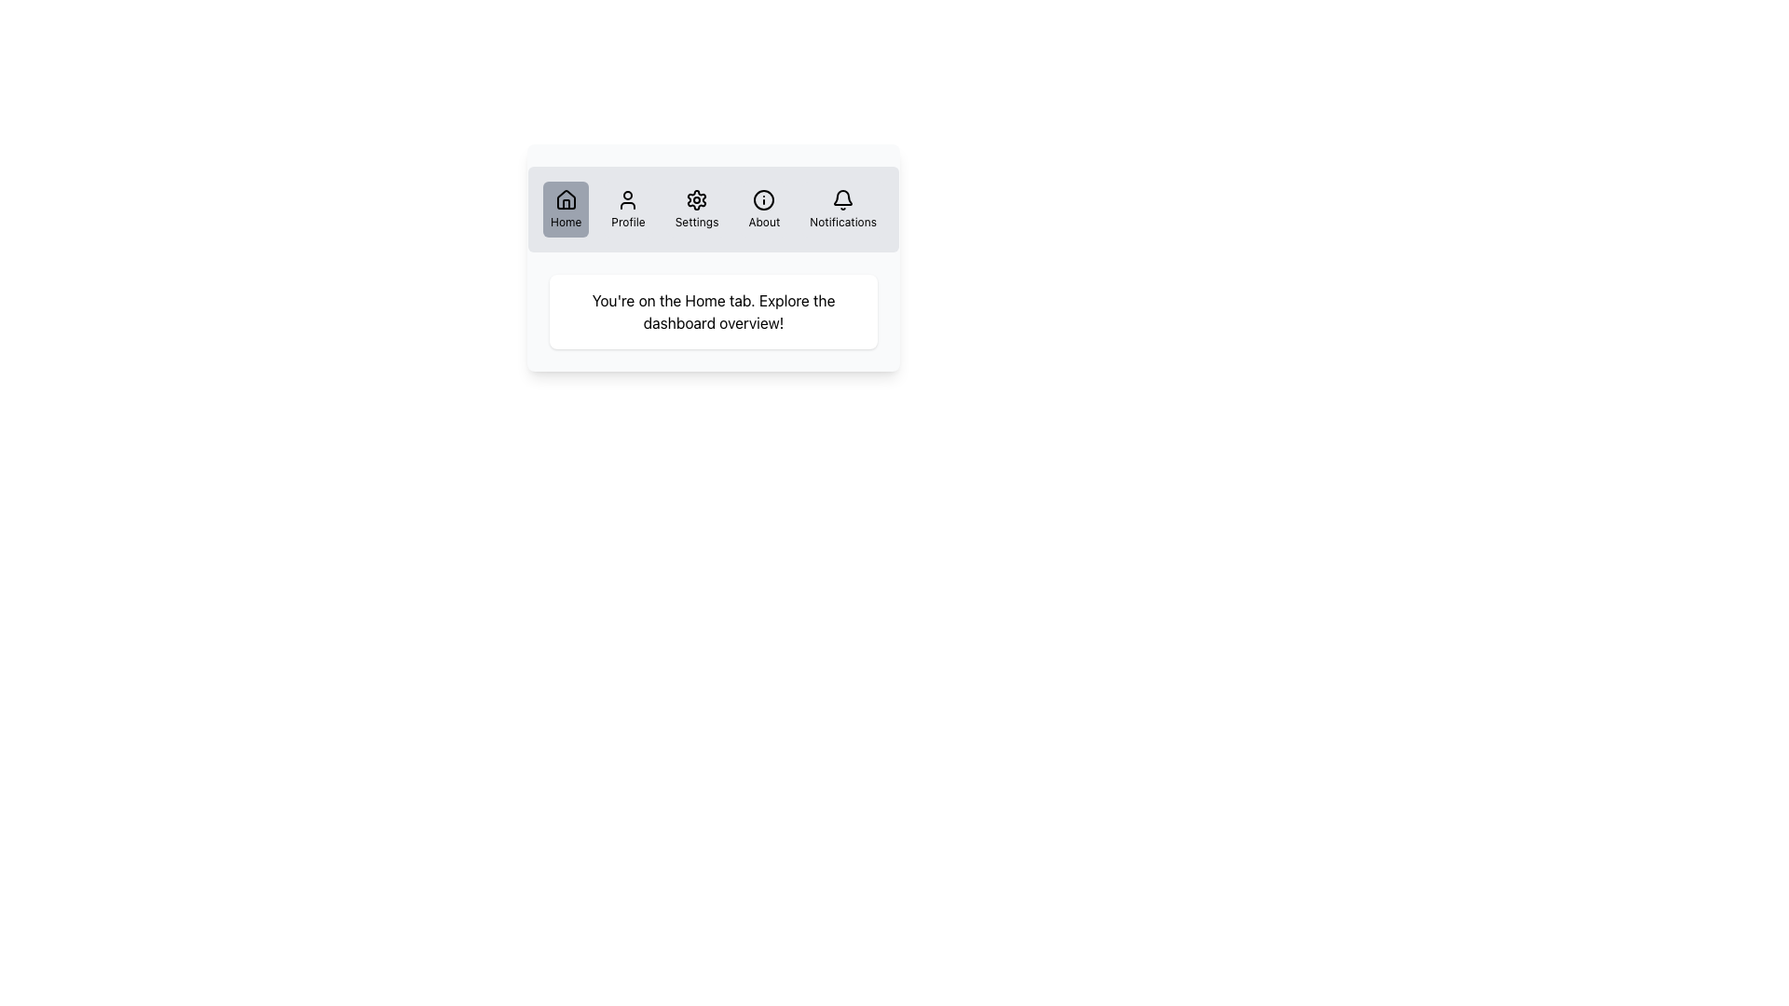  I want to click on the bell icon located in the top navigation bar, which serves as an indicator for notifications, so click(842, 200).